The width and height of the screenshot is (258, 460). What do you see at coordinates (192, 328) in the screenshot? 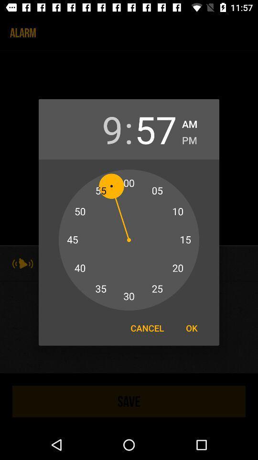
I see `ok icon` at bounding box center [192, 328].